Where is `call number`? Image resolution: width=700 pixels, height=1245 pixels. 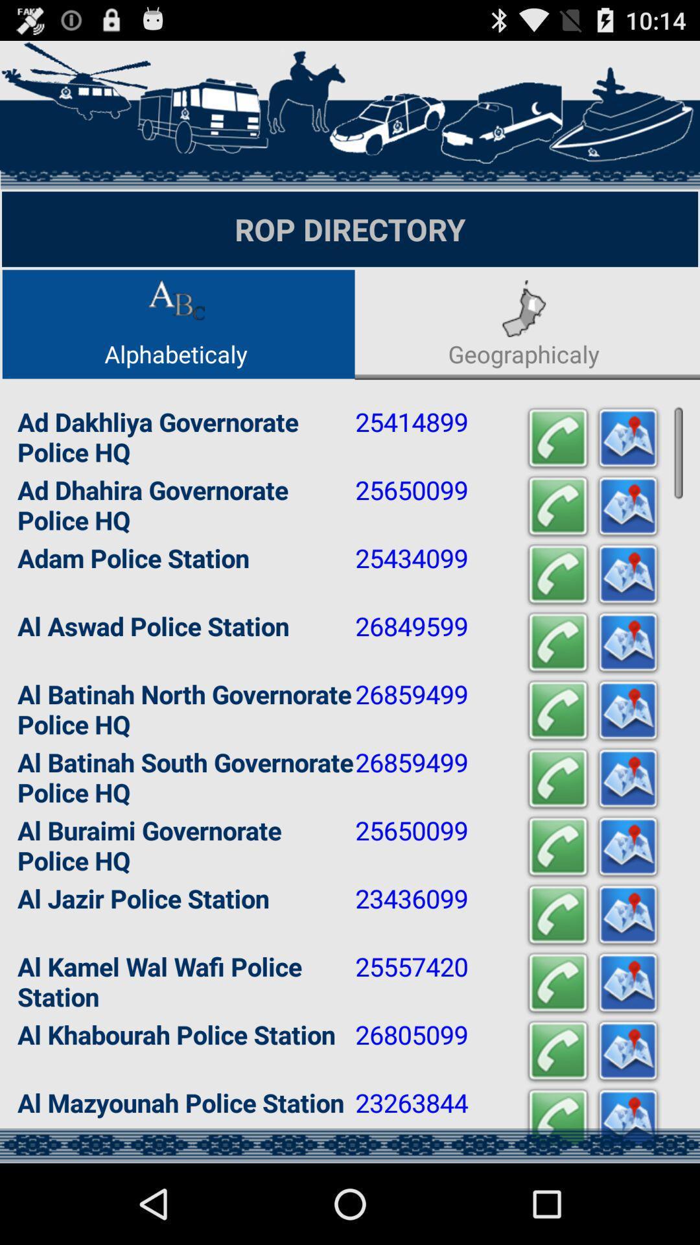 call number is located at coordinates (557, 778).